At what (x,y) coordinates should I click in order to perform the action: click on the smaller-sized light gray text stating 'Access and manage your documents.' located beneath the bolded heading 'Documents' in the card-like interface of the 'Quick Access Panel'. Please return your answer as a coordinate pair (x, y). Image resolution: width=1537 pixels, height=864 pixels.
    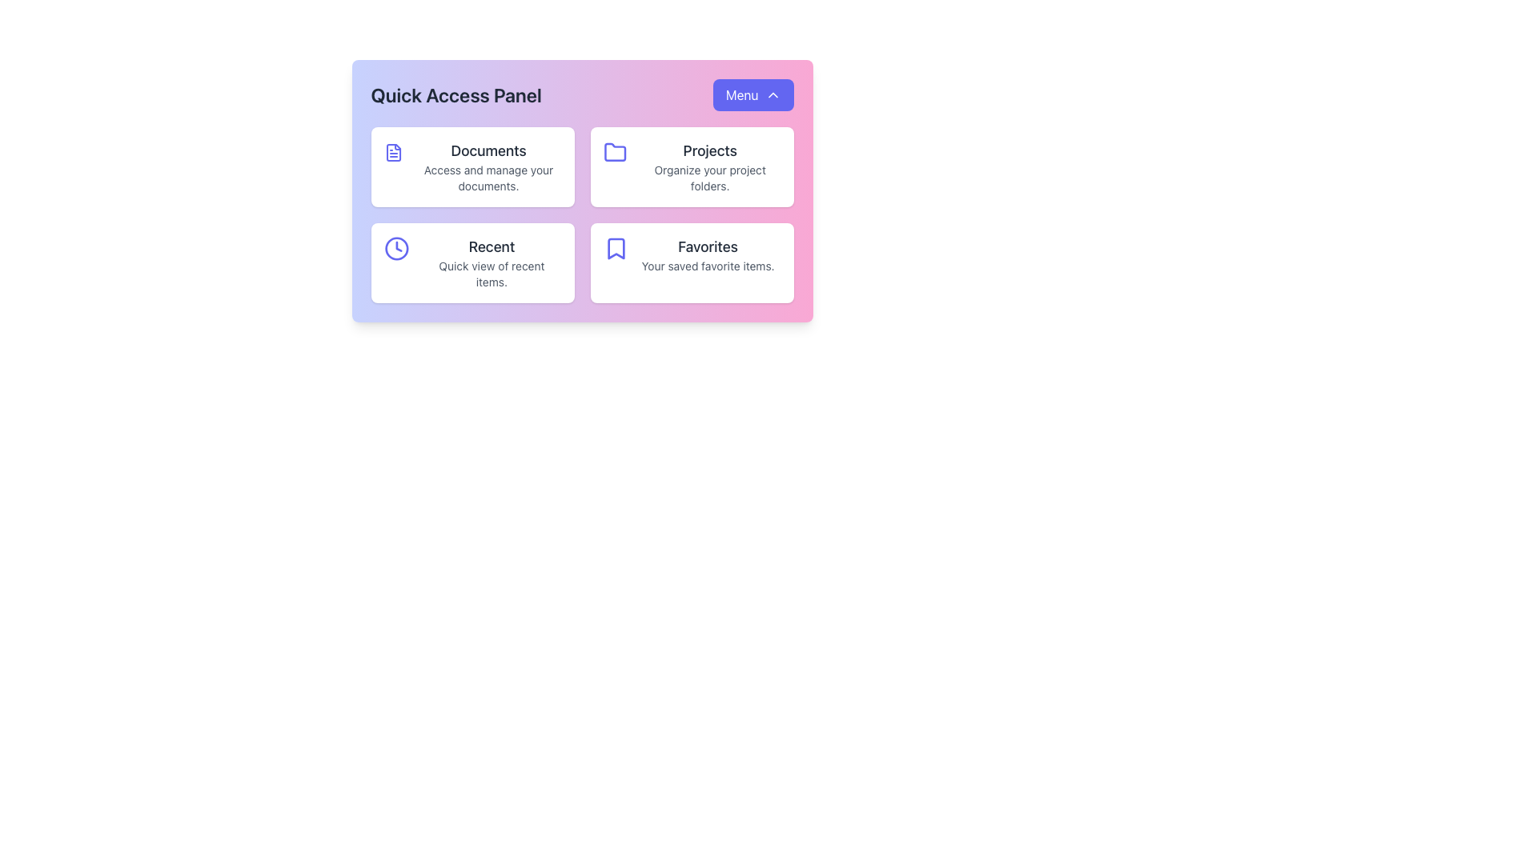
    Looking at the image, I should click on (488, 178).